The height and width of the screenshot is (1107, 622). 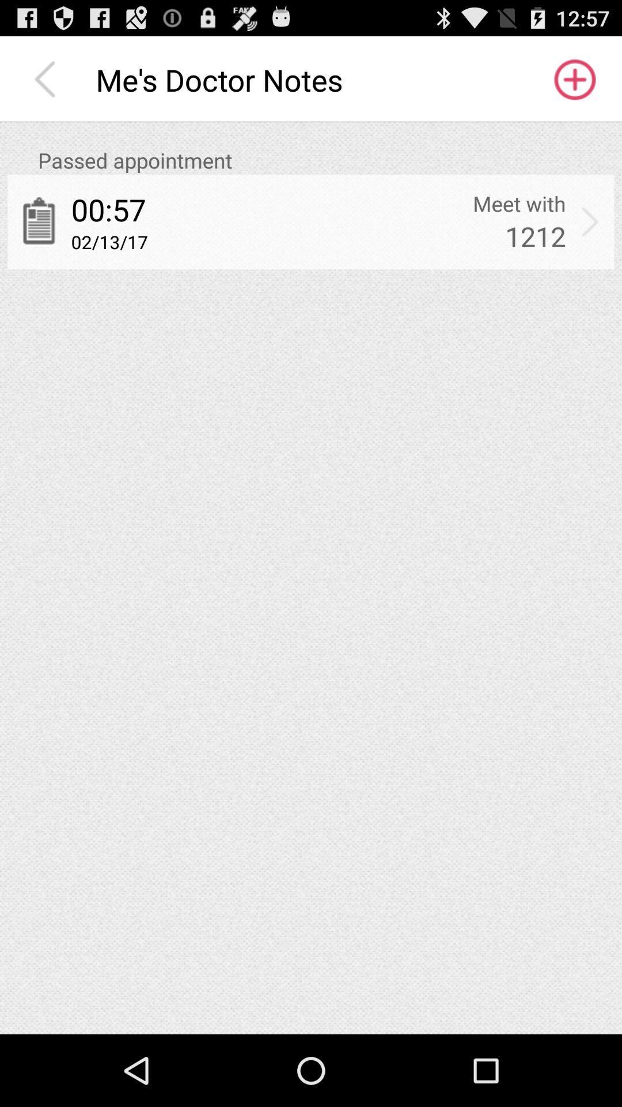 What do you see at coordinates (574, 79) in the screenshot?
I see `the app to the right of the me s doctor icon` at bounding box center [574, 79].